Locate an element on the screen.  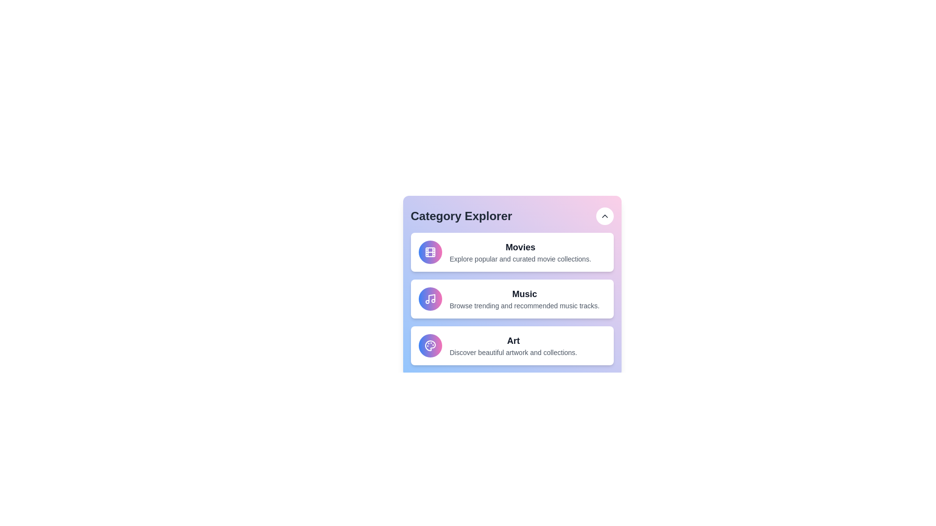
the toggle button to change the menu state is located at coordinates (604, 215).